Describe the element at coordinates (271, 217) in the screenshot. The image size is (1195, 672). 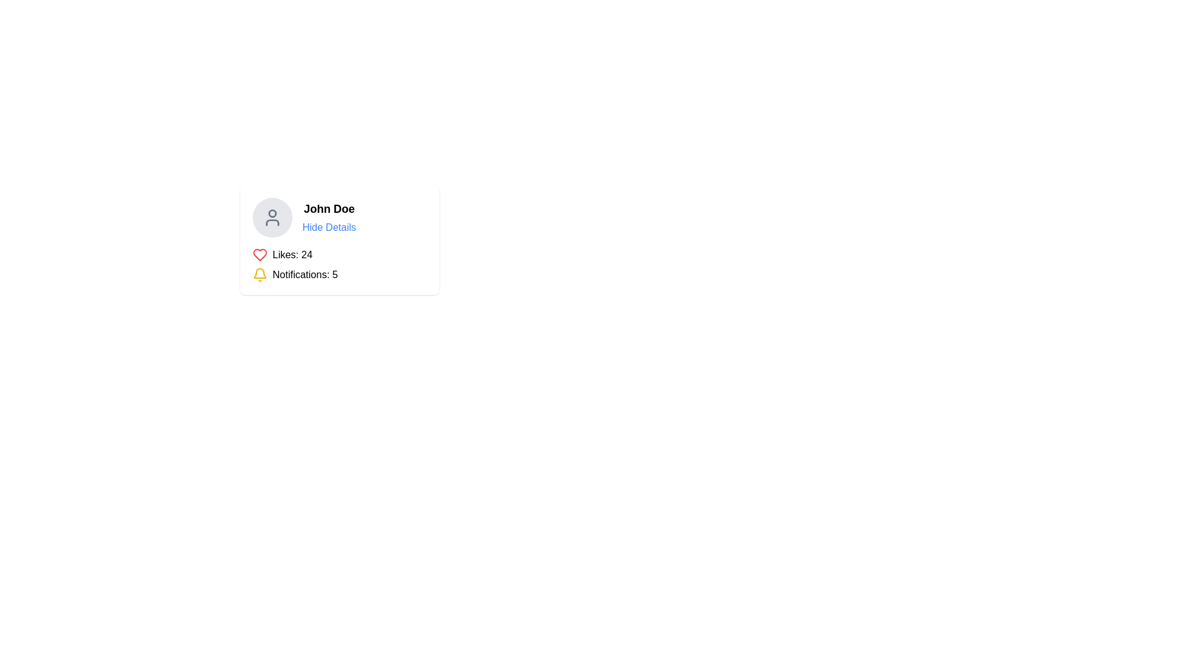
I see `the circular user profile icon with a light gray background and a dark gray user silhouette, located in the upper-left corner of the profile section` at that location.